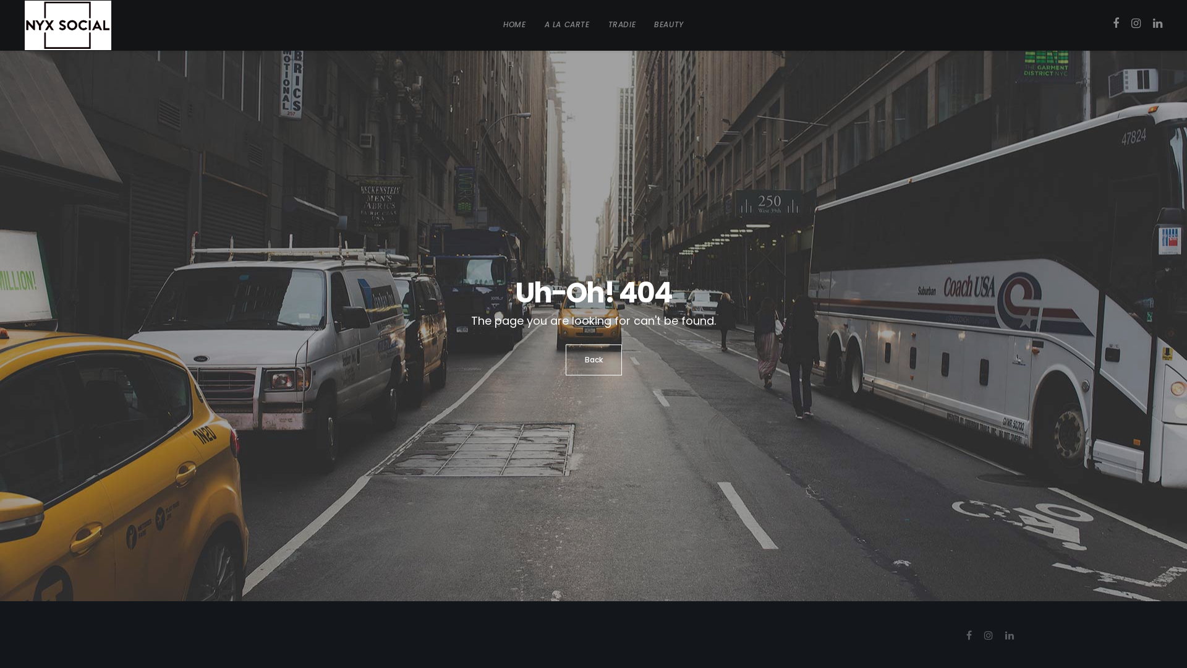  Describe the element at coordinates (668, 24) in the screenshot. I see `'BEAUTY'` at that location.